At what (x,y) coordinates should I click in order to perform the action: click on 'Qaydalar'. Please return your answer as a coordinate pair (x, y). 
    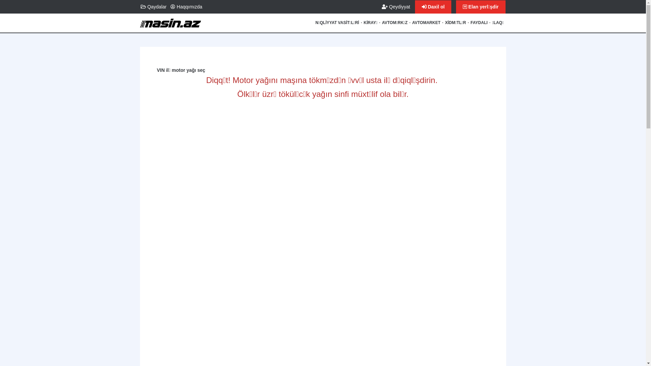
    Looking at the image, I should click on (153, 6).